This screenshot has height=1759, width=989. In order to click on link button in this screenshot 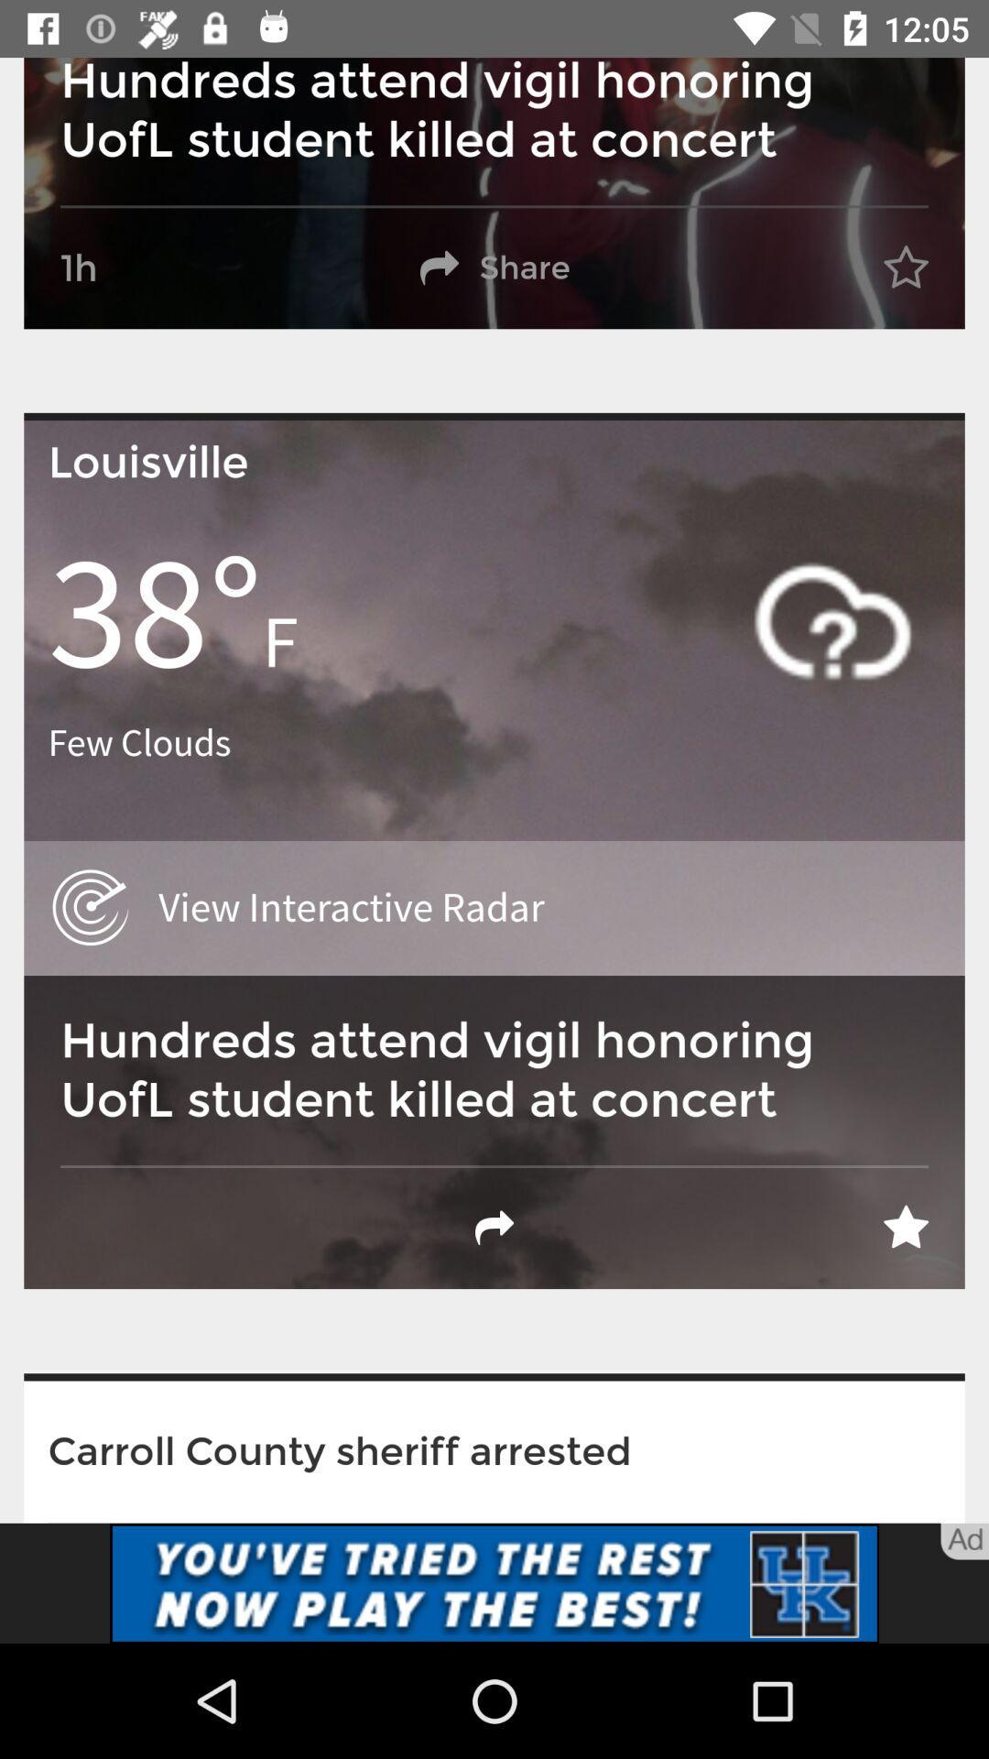, I will do `click(494, 1582)`.